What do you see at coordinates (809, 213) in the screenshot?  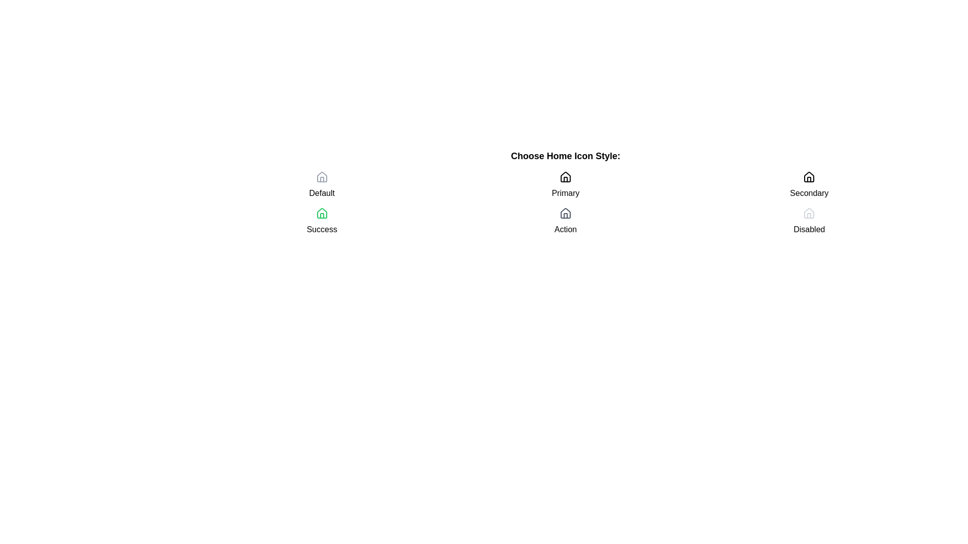 I see `the 'Home' icon which is displayed in a disabled state, located above the text 'Disabled' and part of the section labeled 'Choose Home Icon Style:'` at bounding box center [809, 213].